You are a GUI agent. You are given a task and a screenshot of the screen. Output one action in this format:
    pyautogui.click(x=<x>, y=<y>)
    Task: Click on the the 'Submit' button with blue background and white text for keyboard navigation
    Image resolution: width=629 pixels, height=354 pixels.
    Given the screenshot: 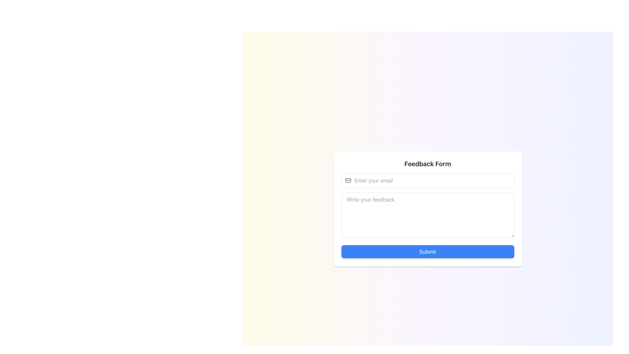 What is the action you would take?
    pyautogui.click(x=428, y=251)
    